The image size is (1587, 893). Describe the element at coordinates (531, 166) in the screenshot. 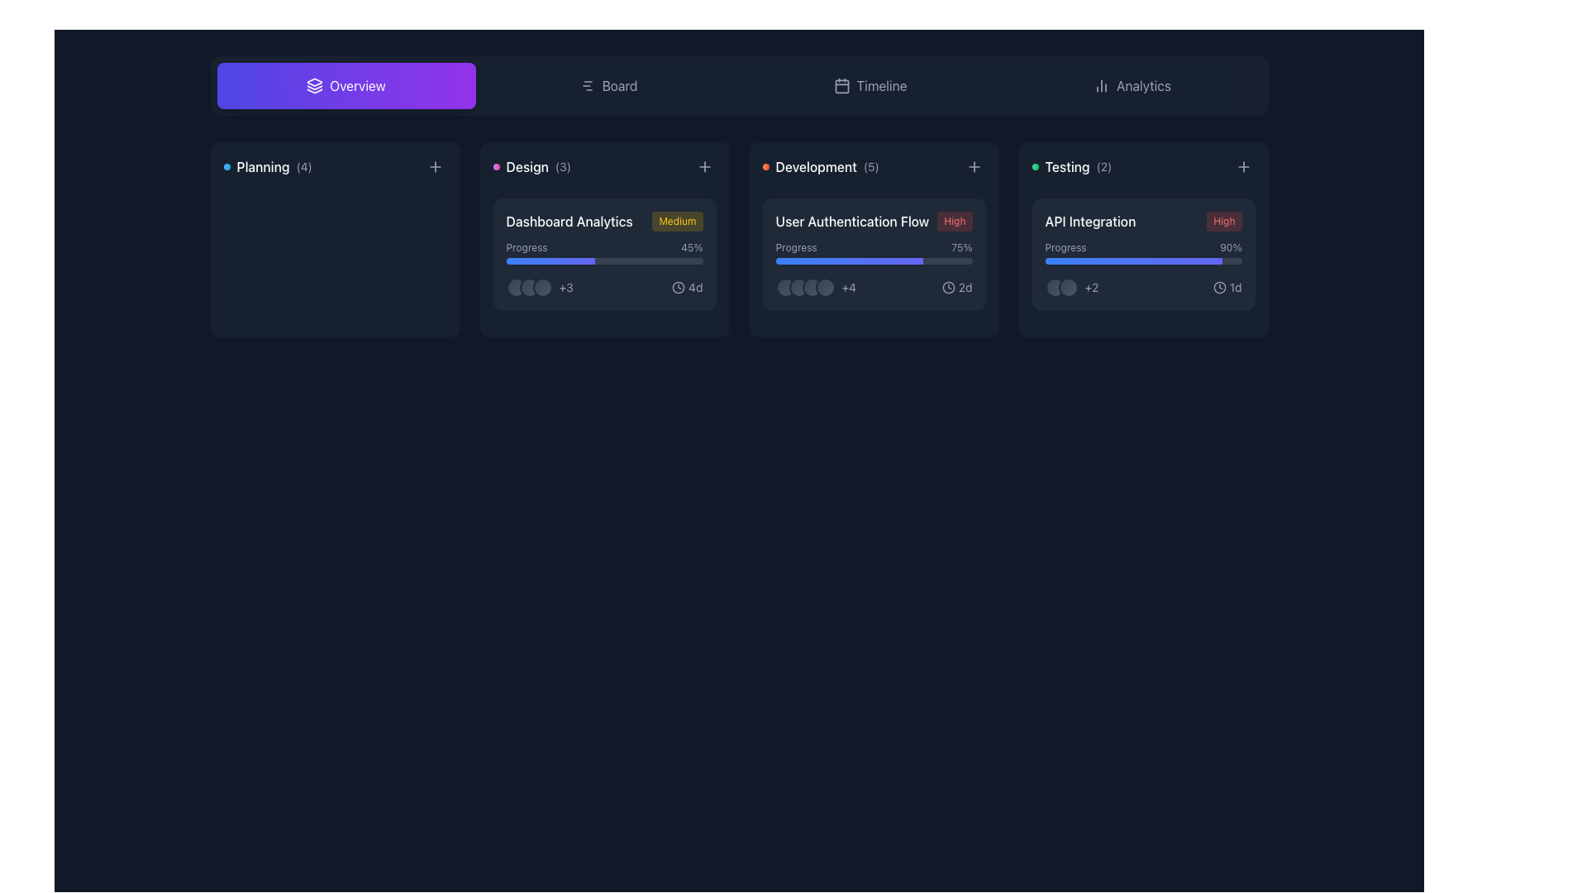

I see `the text label 'Design (3)' for editing, located in the 'Design' card within the 'Overview' section, styled in white bold and gray smaller font with a circular gradient icon beside it` at that location.